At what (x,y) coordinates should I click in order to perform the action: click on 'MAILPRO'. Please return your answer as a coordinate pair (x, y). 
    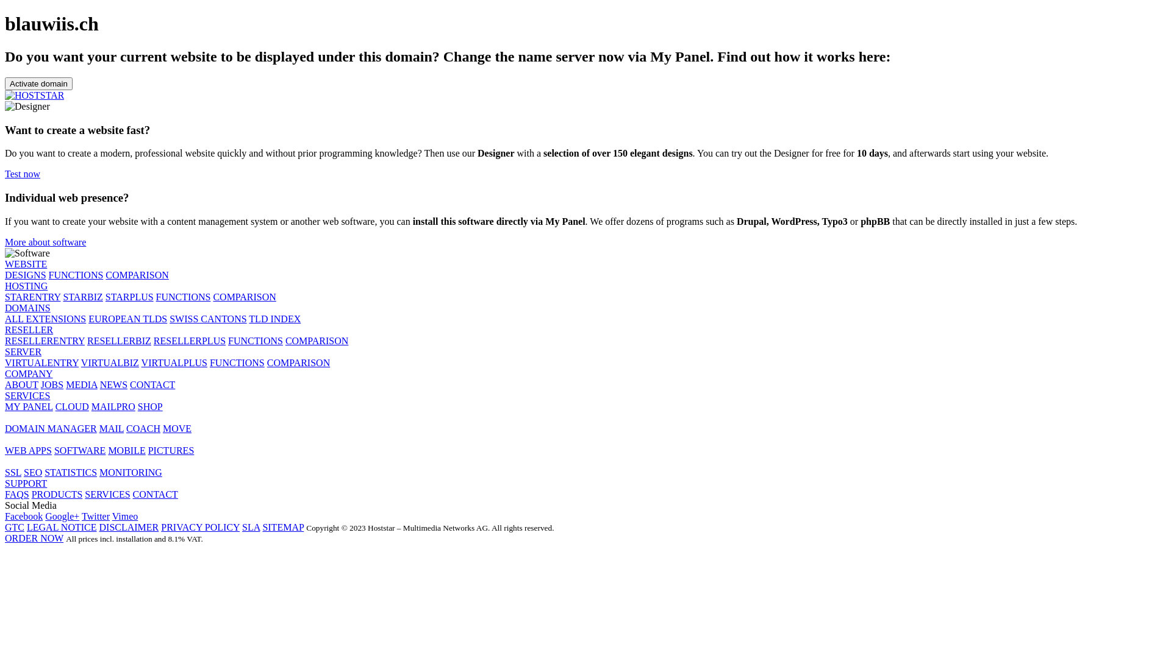
    Looking at the image, I should click on (113, 406).